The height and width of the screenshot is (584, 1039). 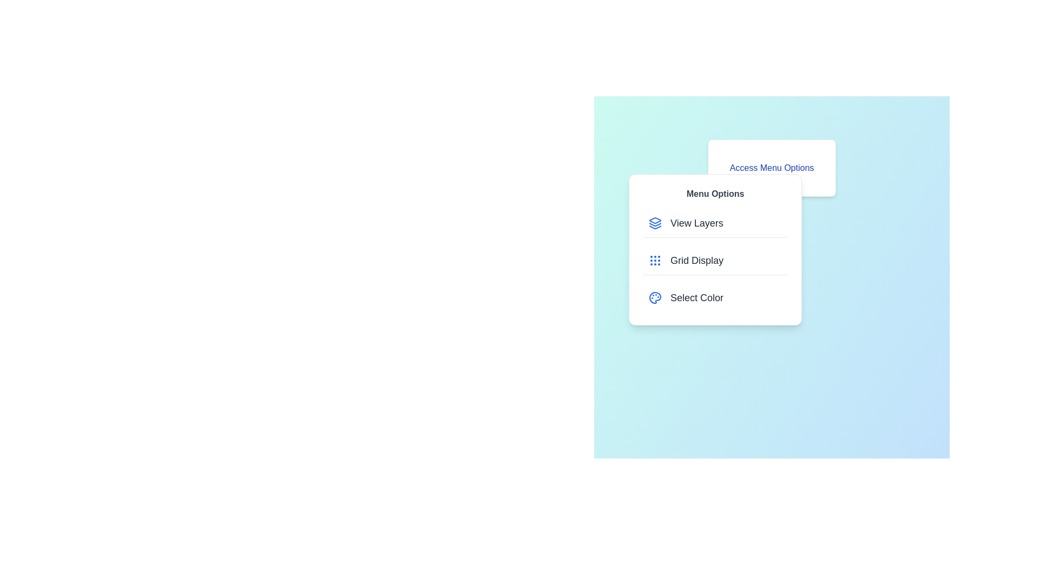 I want to click on the 'View Layers' menu item in the menu, so click(x=715, y=222).